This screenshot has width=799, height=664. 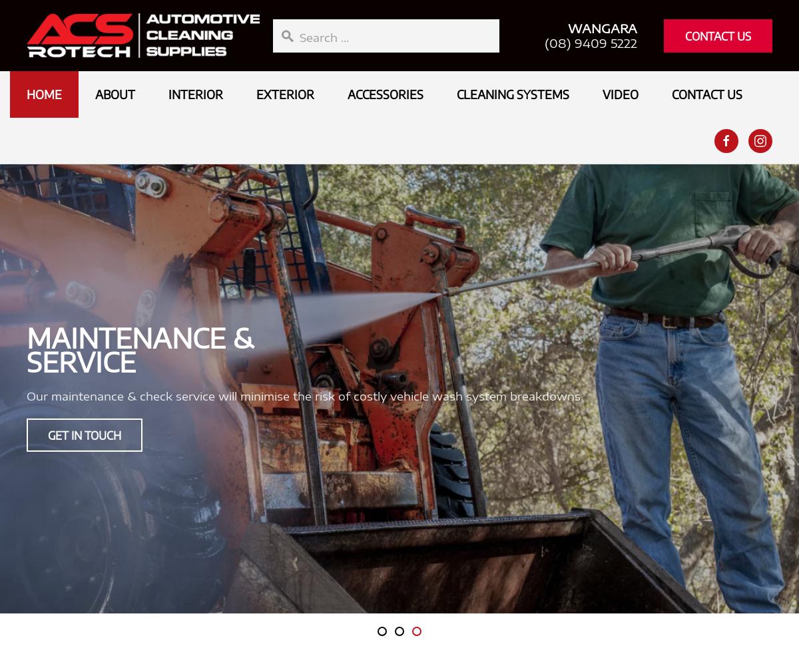 What do you see at coordinates (603, 27) in the screenshot?
I see `'Wangara'` at bounding box center [603, 27].